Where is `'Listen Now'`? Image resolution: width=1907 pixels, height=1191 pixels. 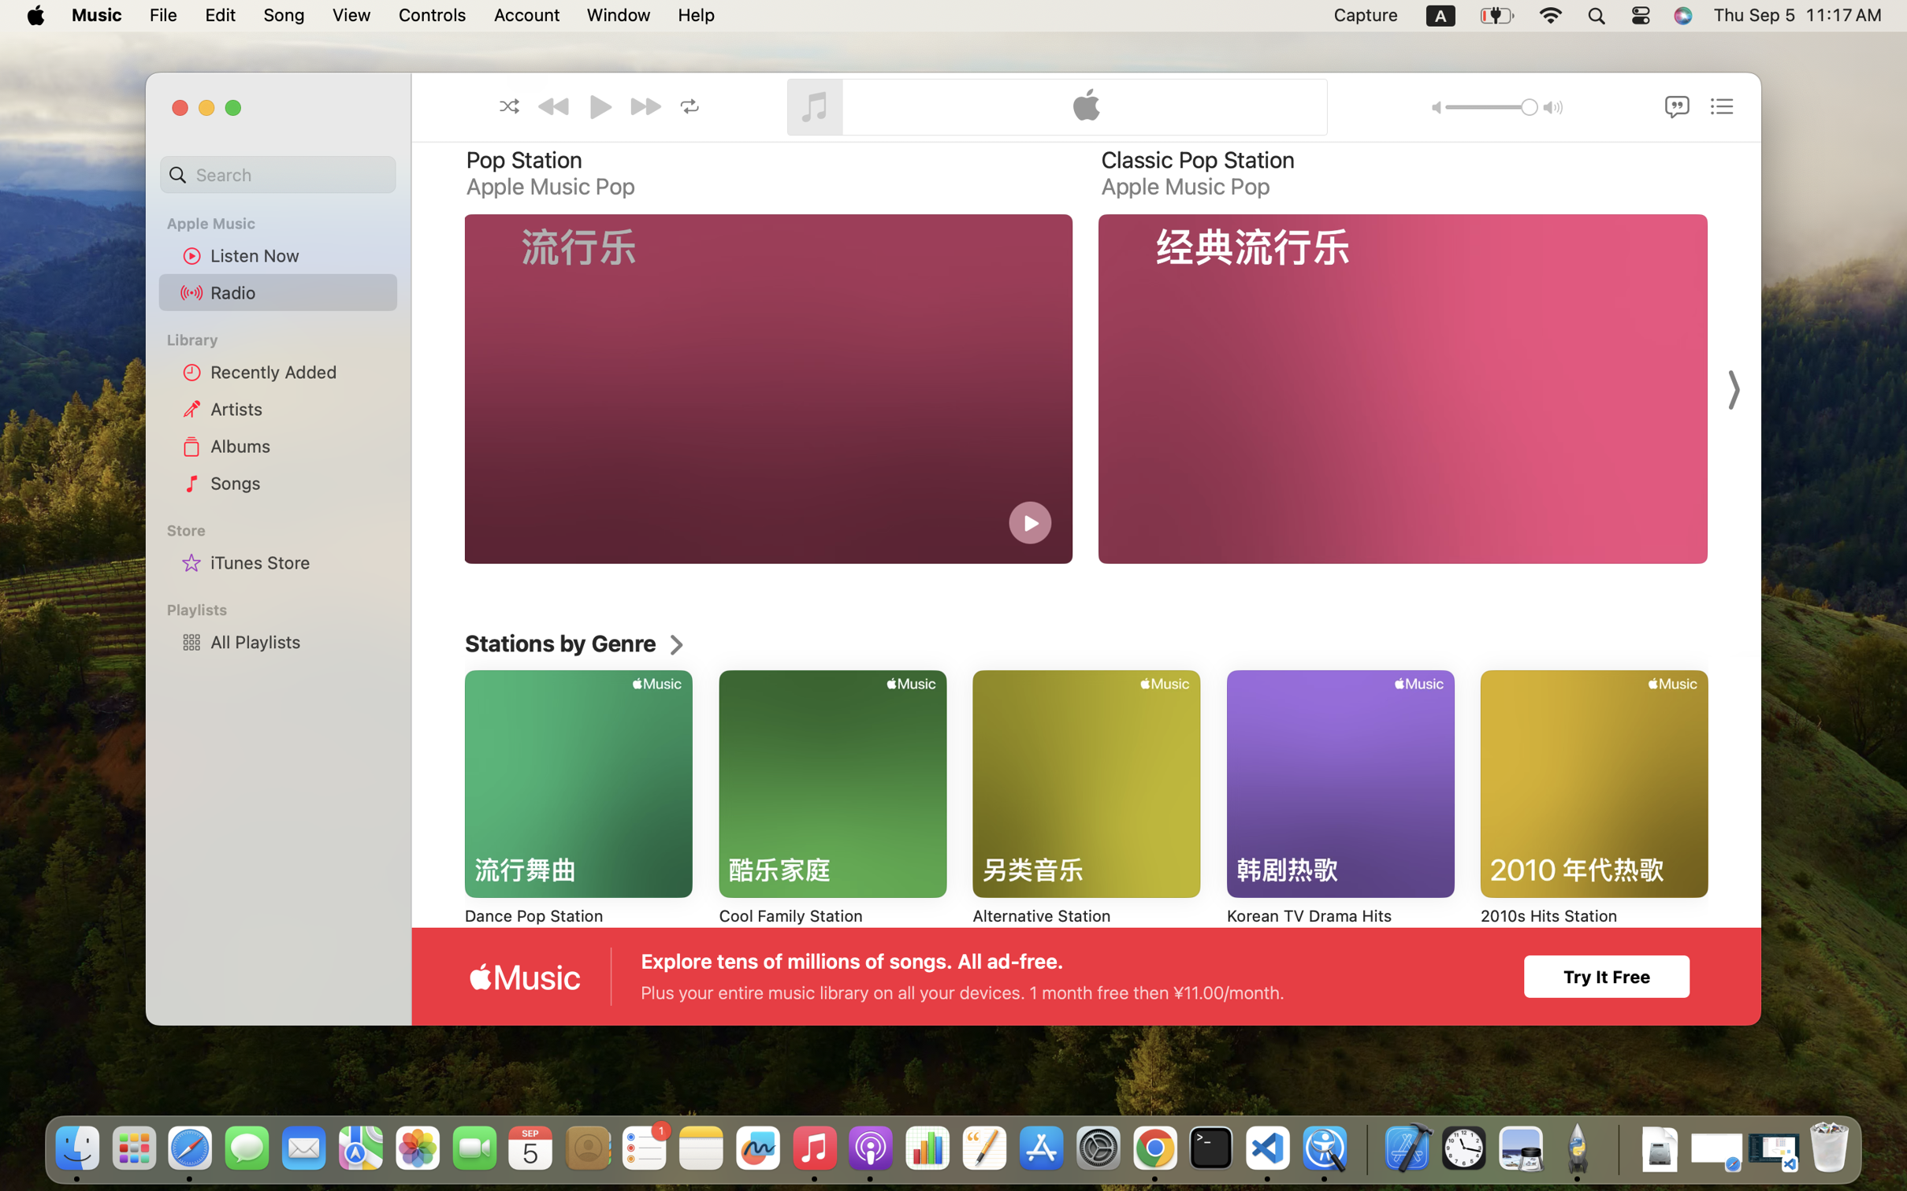
'Listen Now' is located at coordinates (299, 254).